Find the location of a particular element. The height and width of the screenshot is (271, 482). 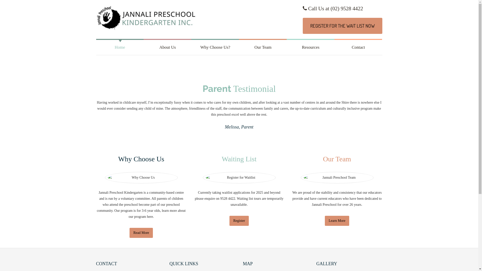

'Our Team' is located at coordinates (262, 47).